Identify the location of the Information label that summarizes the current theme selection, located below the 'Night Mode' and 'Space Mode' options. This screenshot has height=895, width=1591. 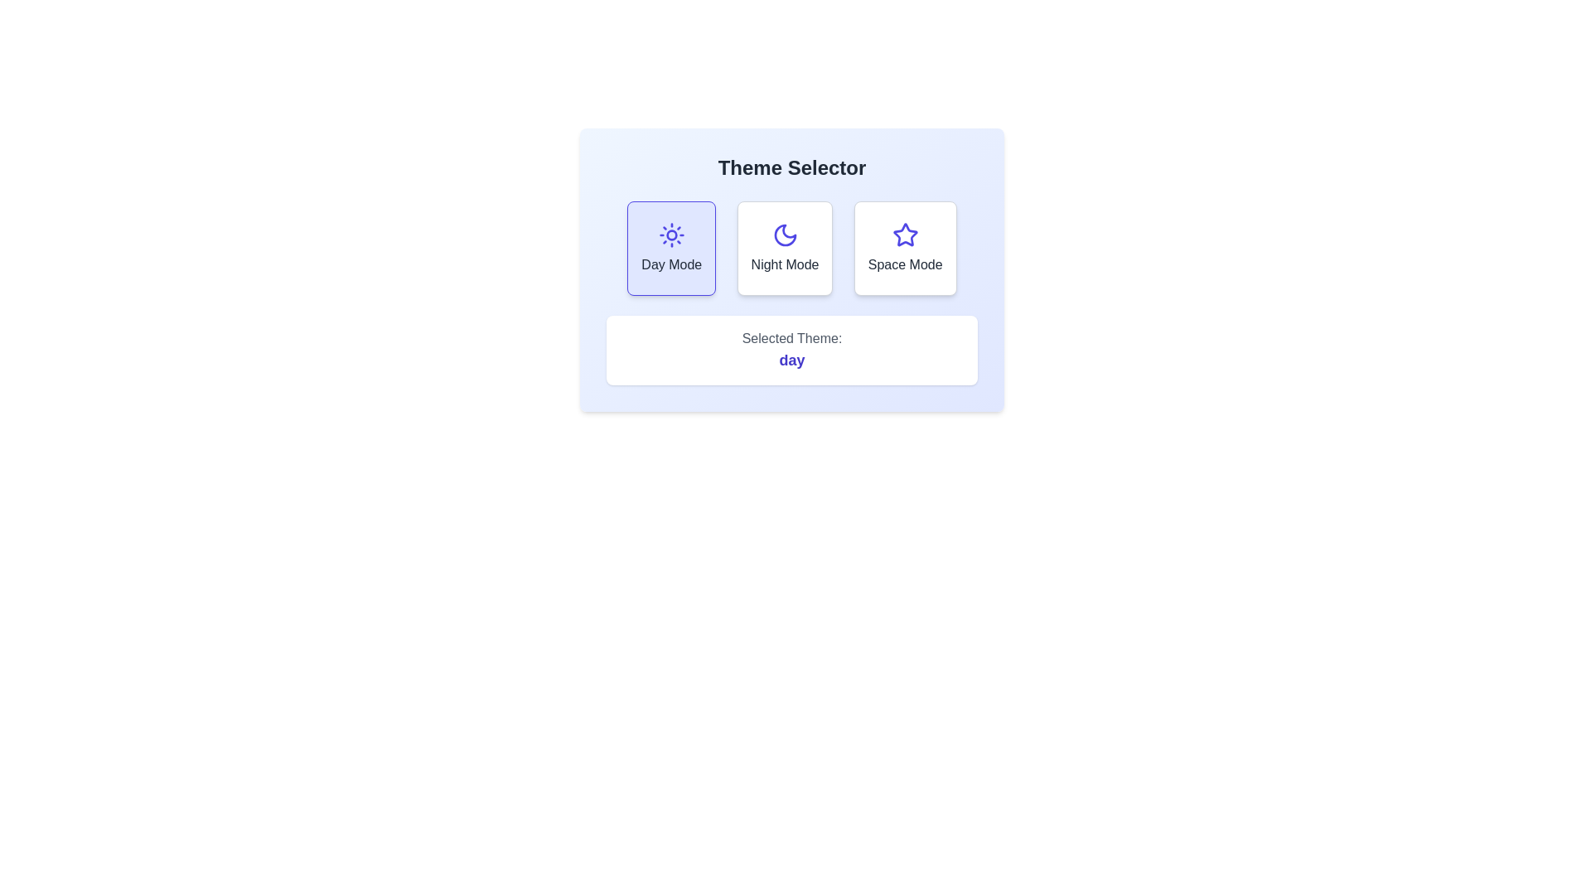
(791, 350).